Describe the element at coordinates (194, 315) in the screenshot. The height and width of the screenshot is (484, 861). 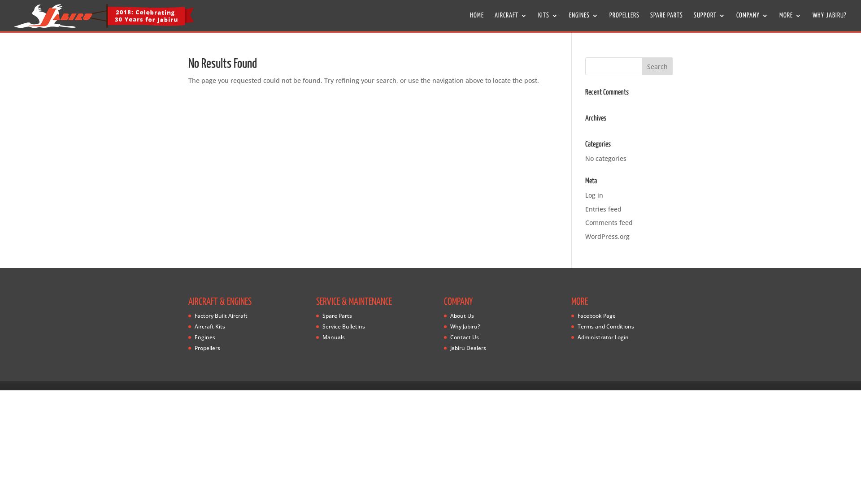
I see `'Factory Built Aircraft'` at that location.